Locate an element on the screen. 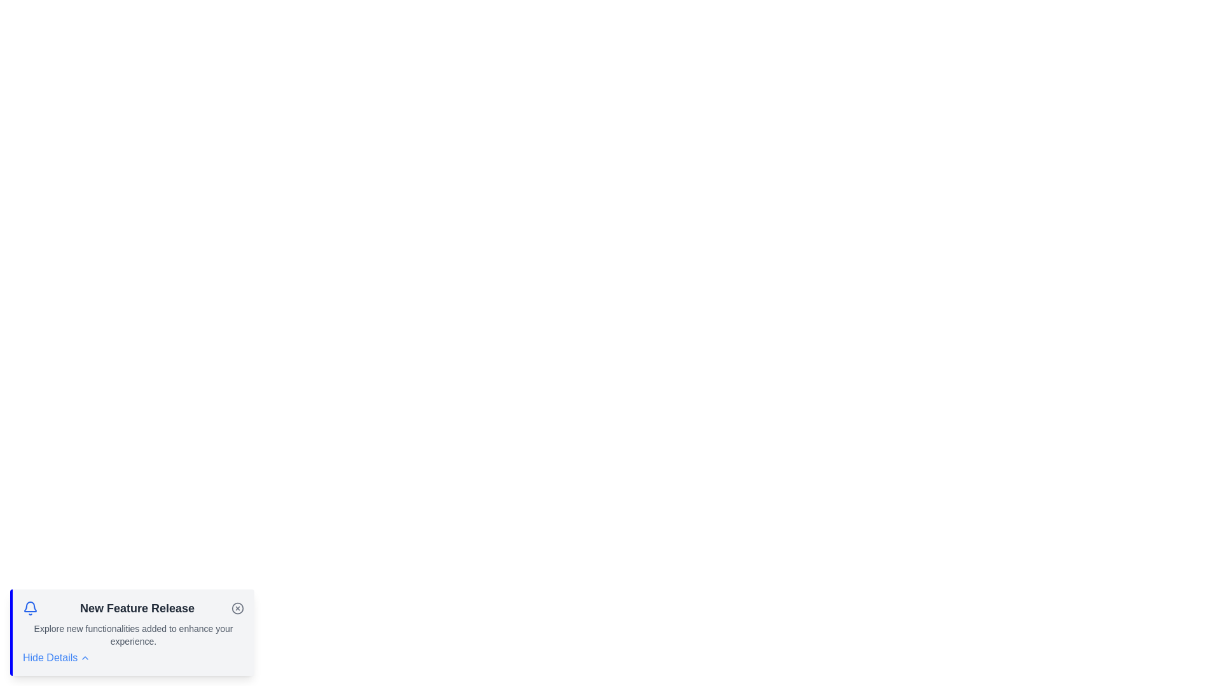 Image resolution: width=1221 pixels, height=686 pixels. the 'Hide Details' button to toggle the notification details is located at coordinates (56, 657).